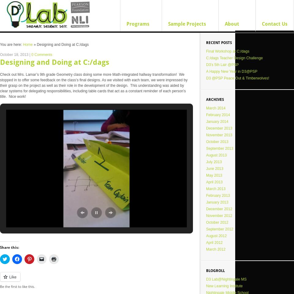 Image resolution: width=294 pixels, height=294 pixels. What do you see at coordinates (217, 202) in the screenshot?
I see `'January 2013'` at bounding box center [217, 202].